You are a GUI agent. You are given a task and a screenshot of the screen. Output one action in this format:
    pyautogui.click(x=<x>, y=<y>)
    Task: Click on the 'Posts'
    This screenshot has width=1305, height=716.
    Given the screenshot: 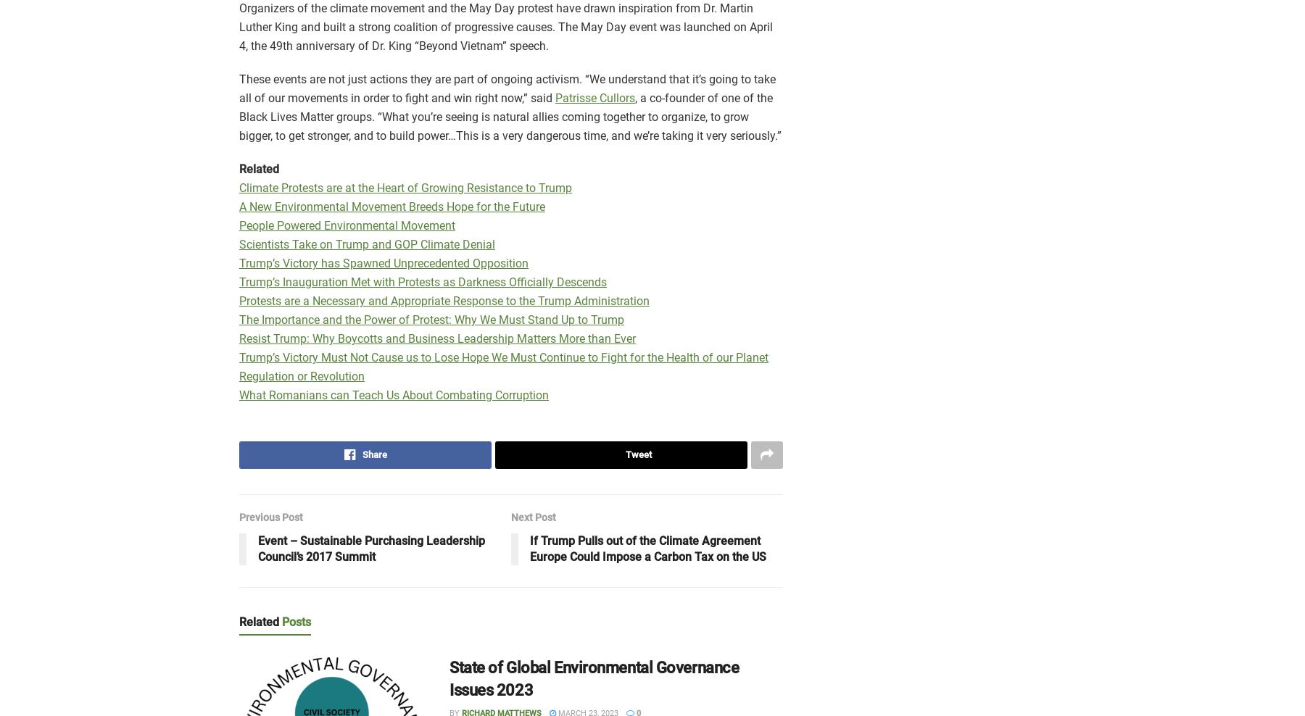 What is the action you would take?
    pyautogui.click(x=294, y=622)
    